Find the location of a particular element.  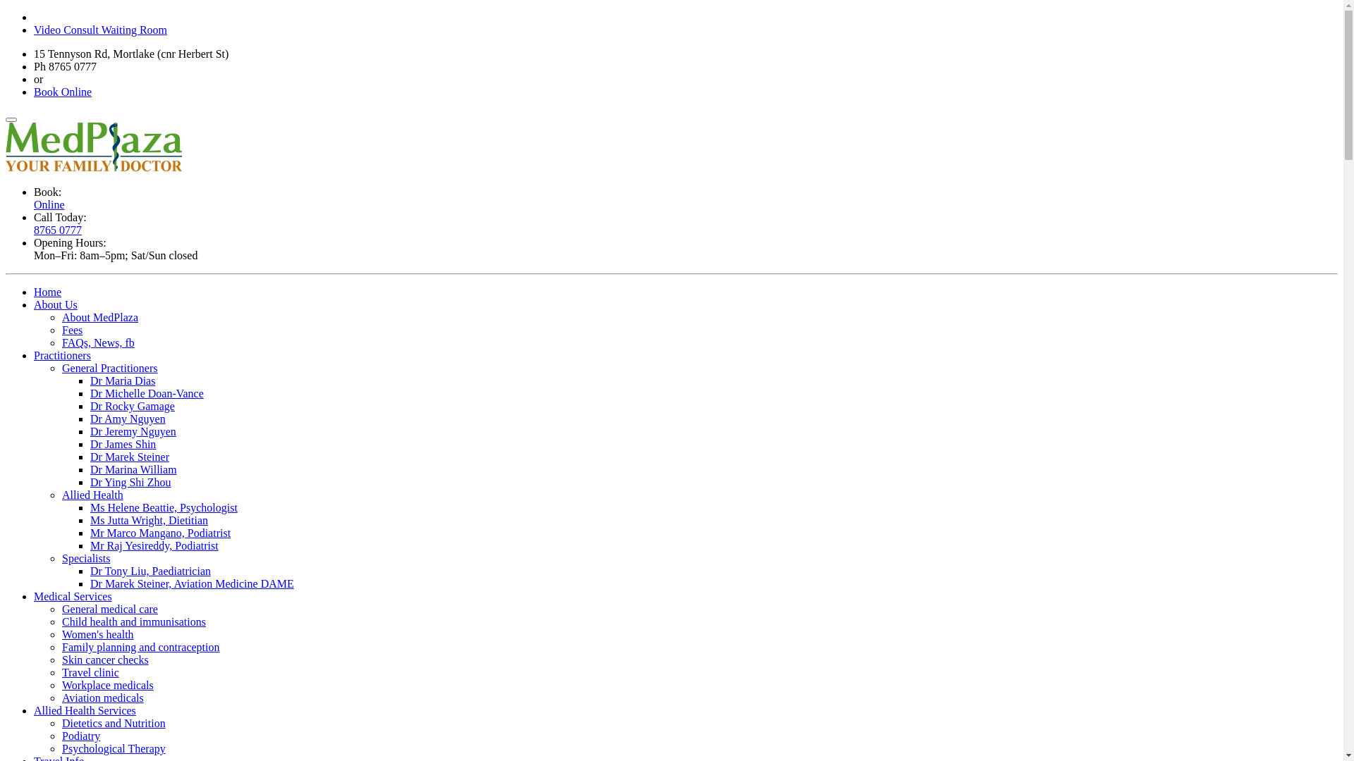

'Allied Health' is located at coordinates (61, 494).